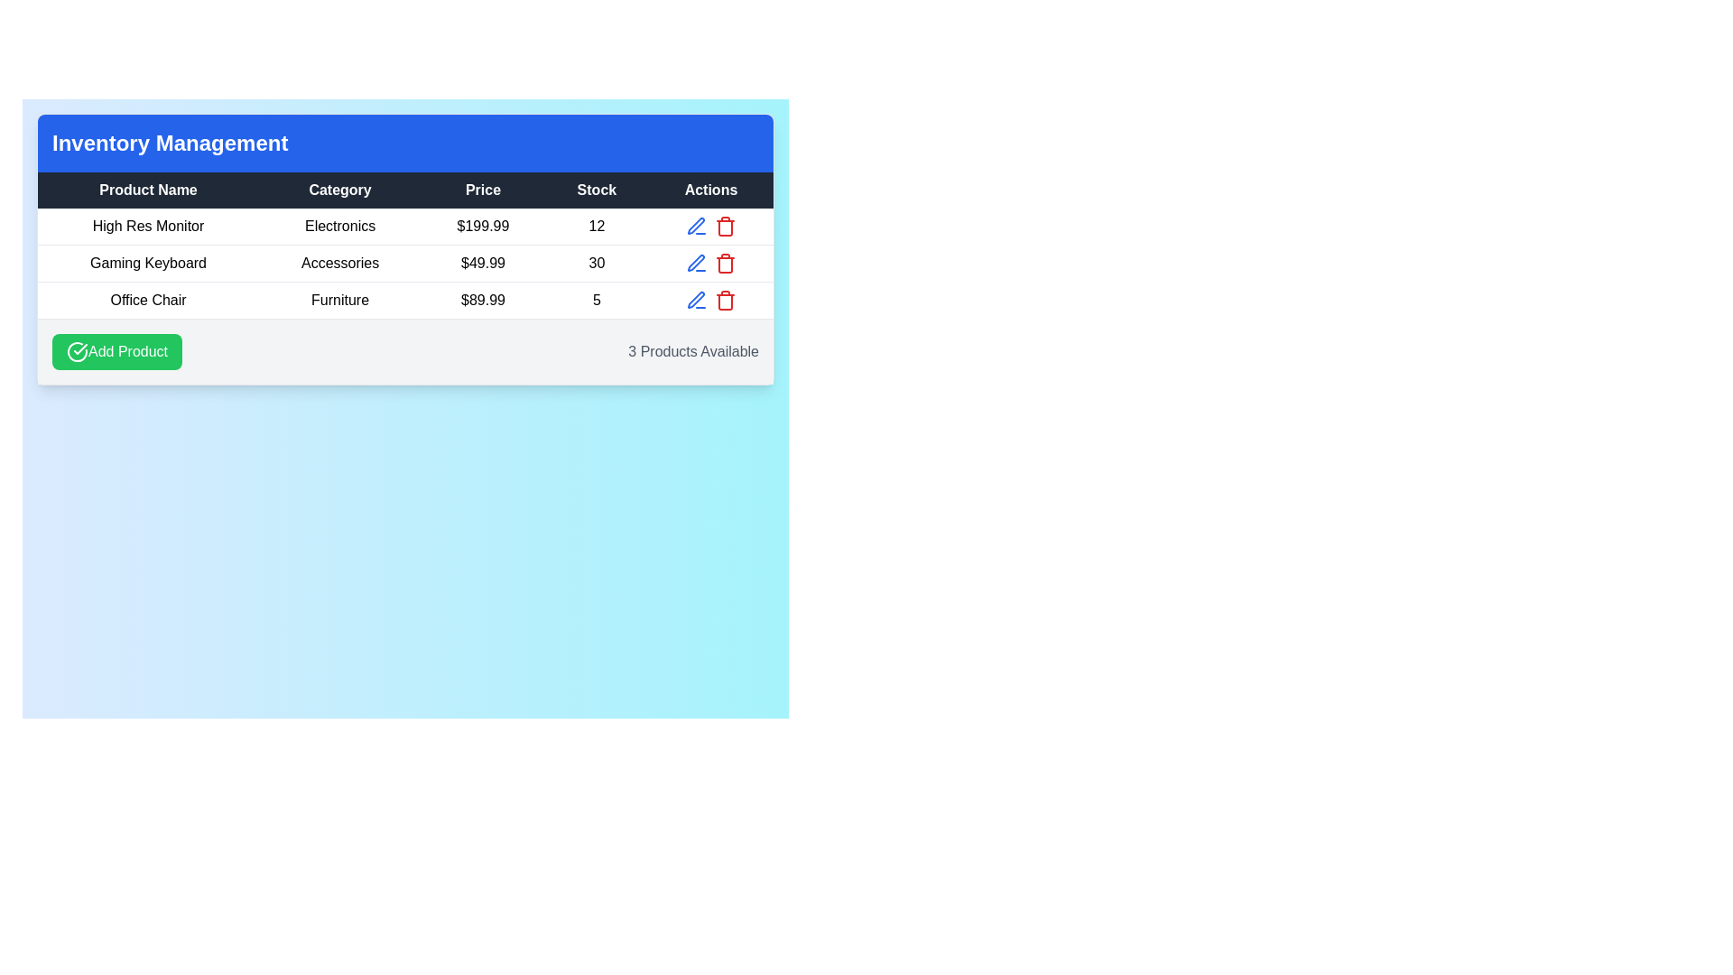  Describe the element at coordinates (725, 265) in the screenshot. I see `the red trash can icon in the 'Actions' column` at that location.